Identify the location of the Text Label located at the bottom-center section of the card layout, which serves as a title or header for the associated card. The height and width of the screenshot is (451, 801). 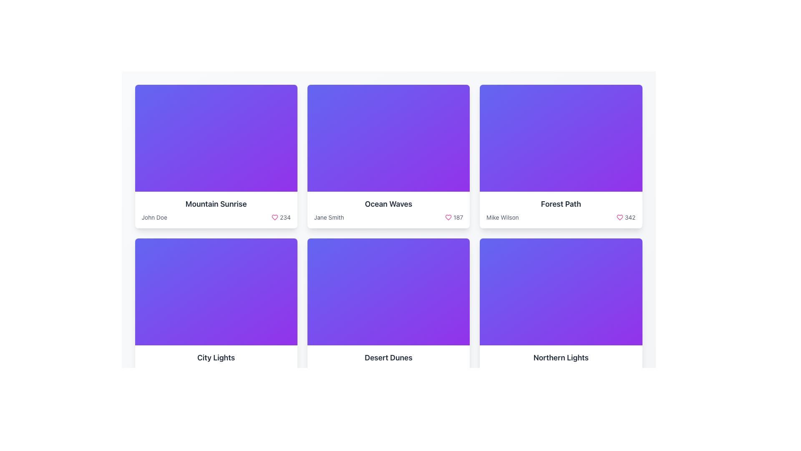
(216, 357).